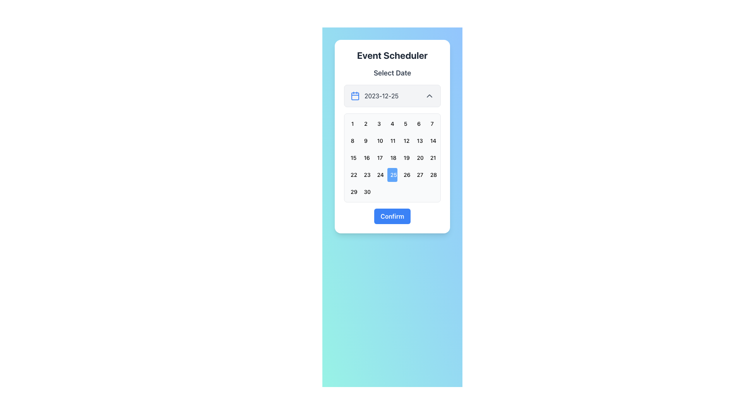 This screenshot has height=418, width=743. Describe the element at coordinates (405, 158) in the screenshot. I see `the button representing the date '19' in the third row and fifth column of the calendar grid` at that location.